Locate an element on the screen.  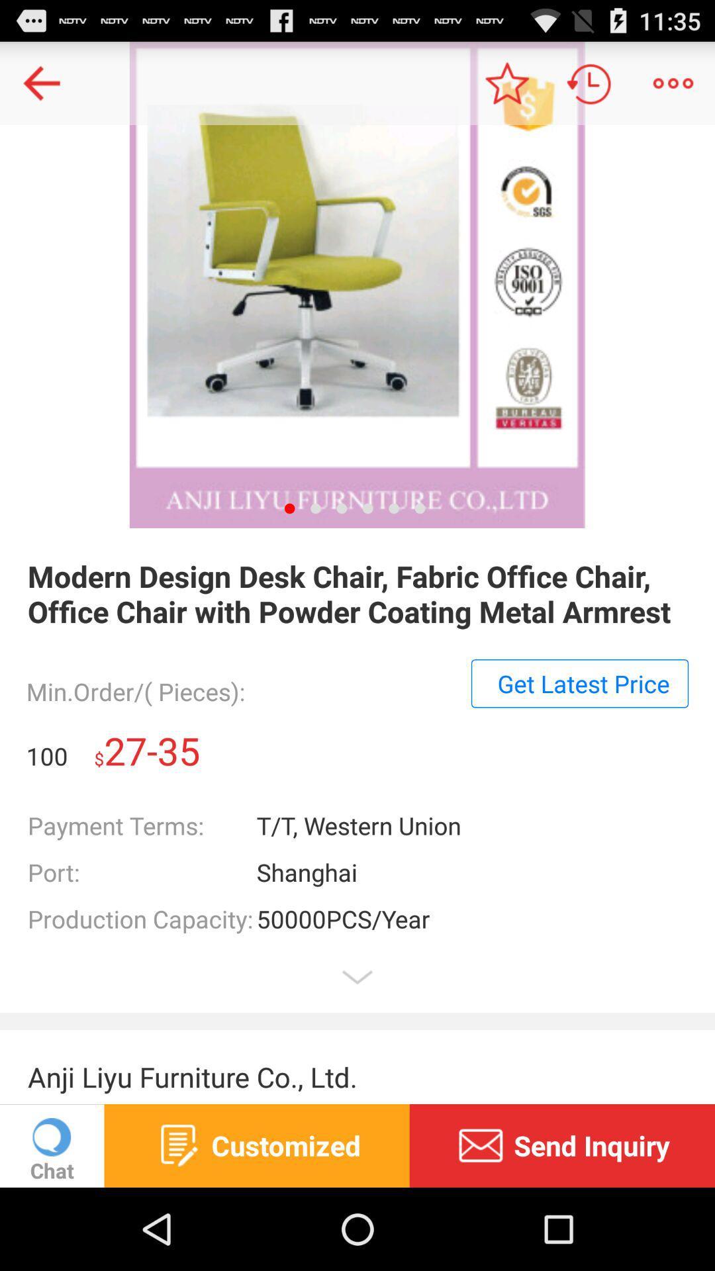
the star icon is located at coordinates (506, 88).